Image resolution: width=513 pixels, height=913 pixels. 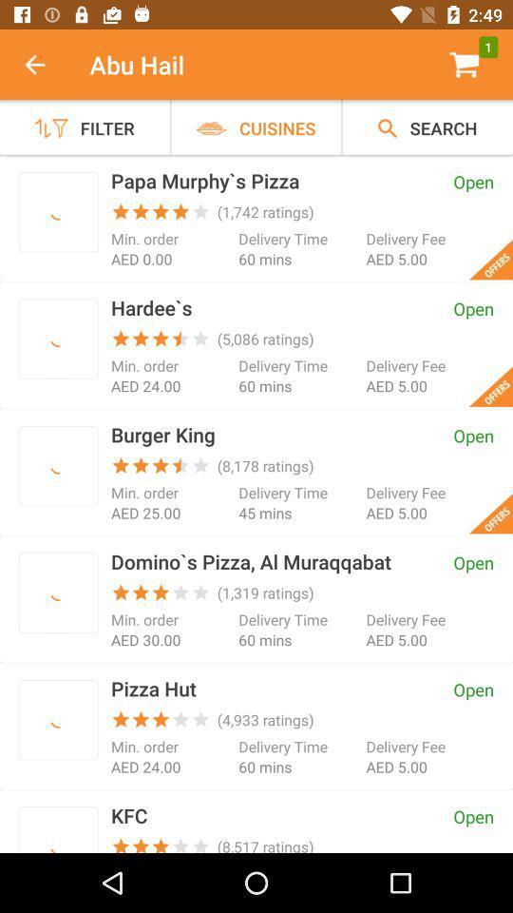 What do you see at coordinates (58, 832) in the screenshot?
I see `option` at bounding box center [58, 832].